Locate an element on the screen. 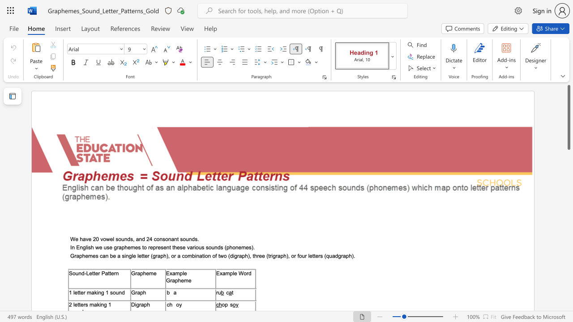  the vertical scrollbar to lower the page content is located at coordinates (568, 187).